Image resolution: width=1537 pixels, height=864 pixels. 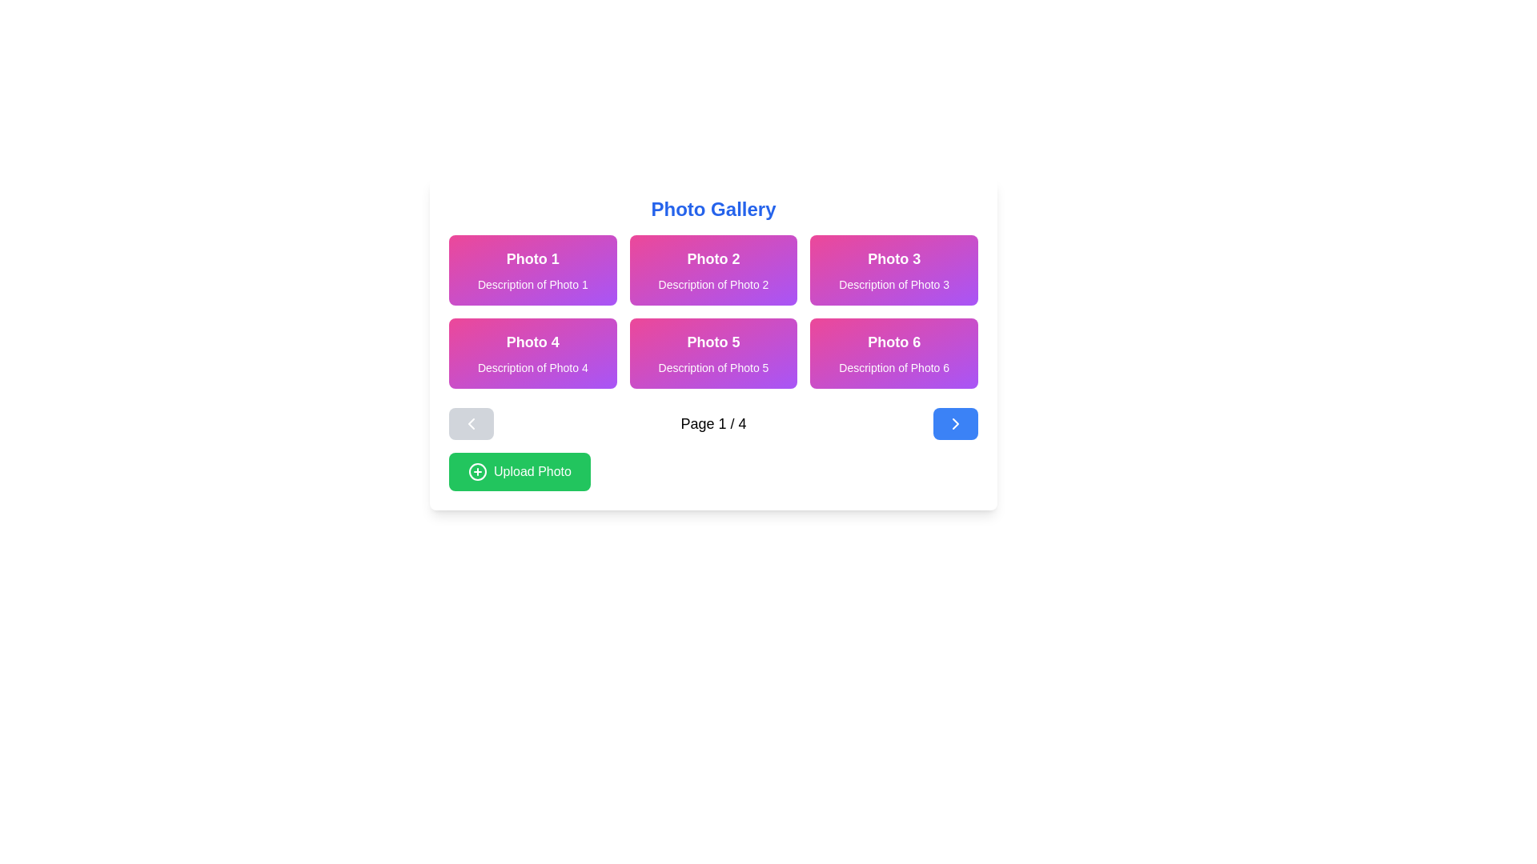 What do you see at coordinates (712, 342) in the screenshot?
I see `the 'Photo 5' text label, which is the upper text in the card element on the second row, second column of the photo gallery grid, to focus on it` at bounding box center [712, 342].